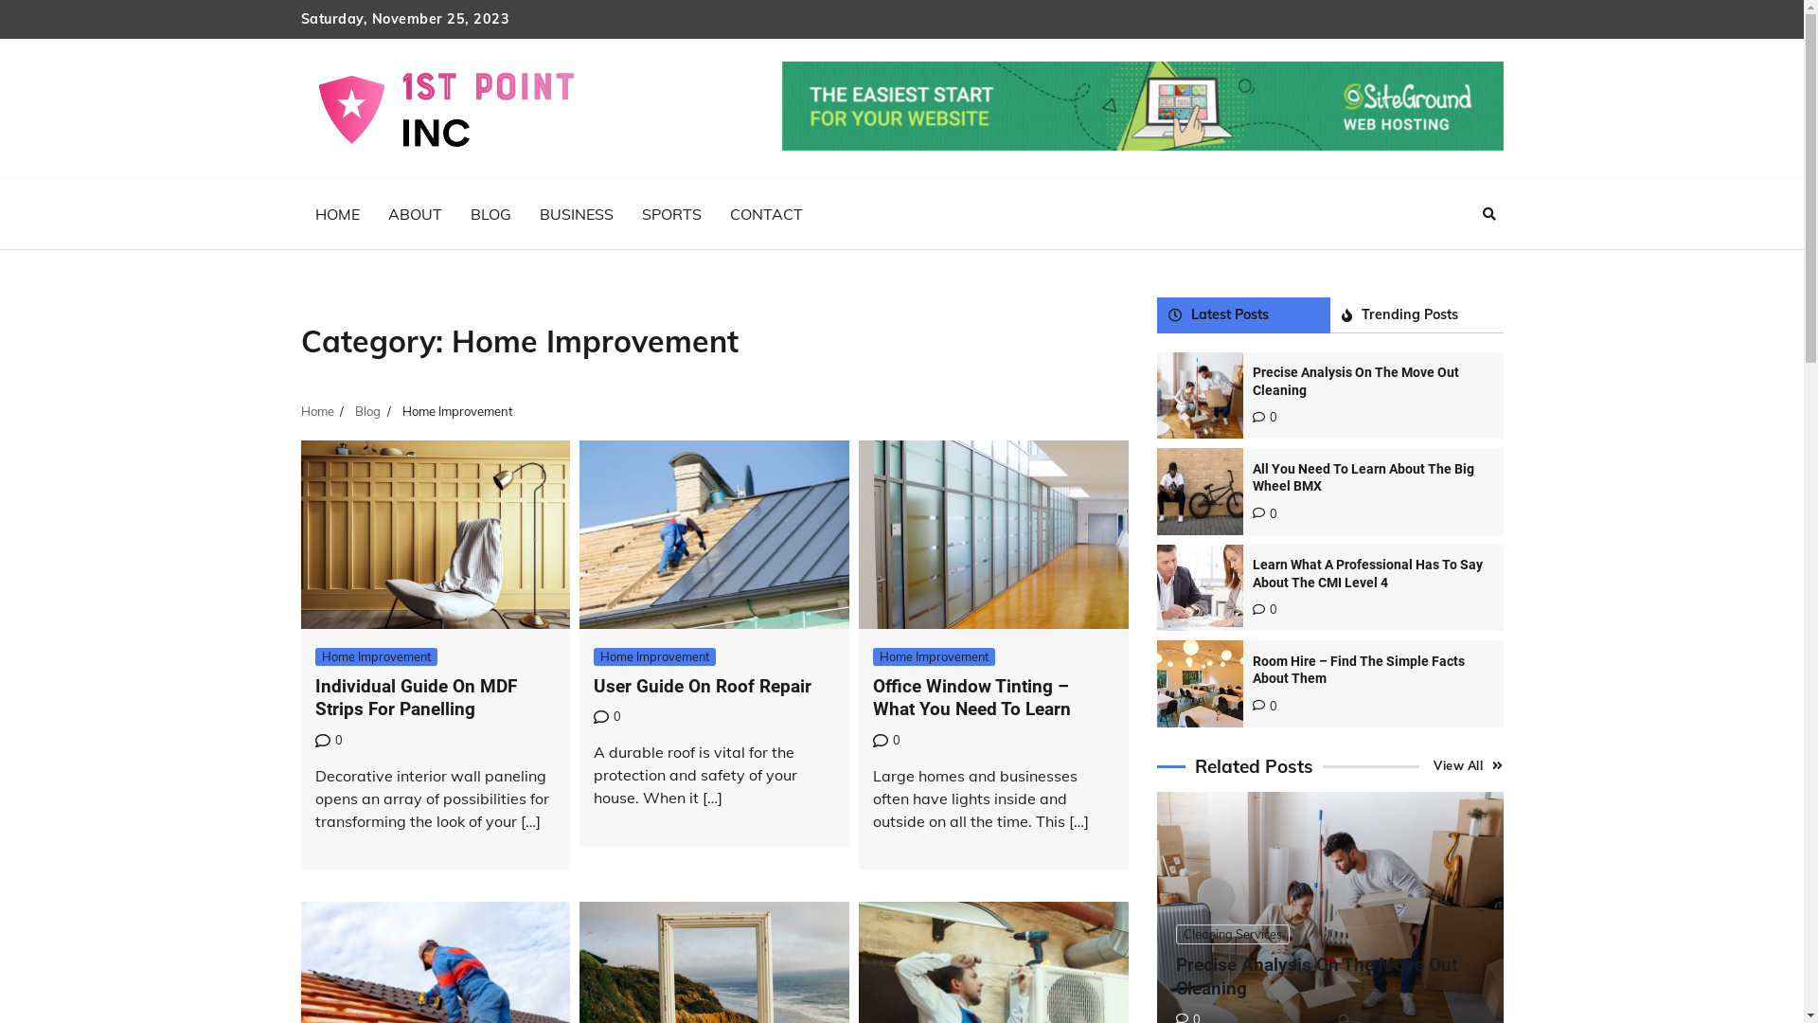  What do you see at coordinates (702, 686) in the screenshot?
I see `'User Guide On Roof Repair'` at bounding box center [702, 686].